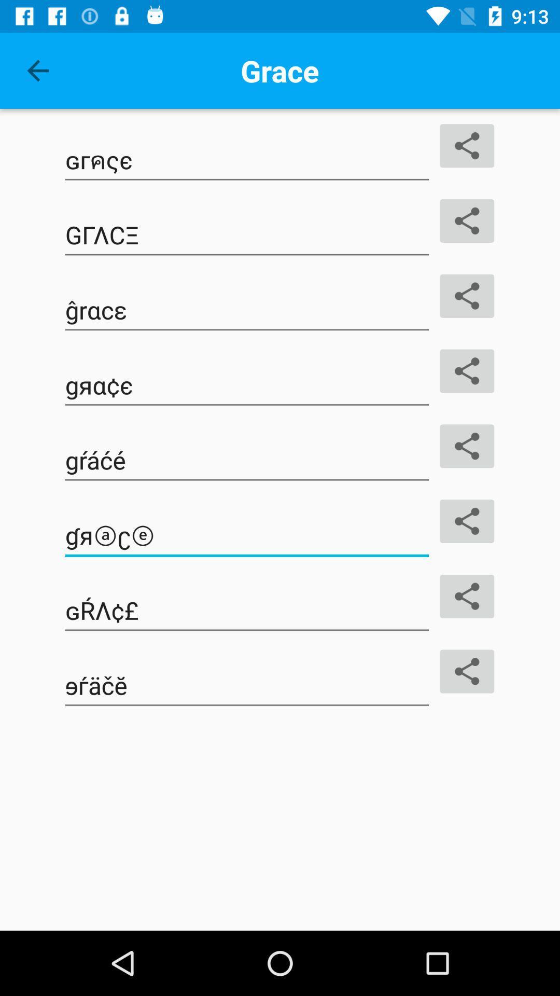  Describe the element at coordinates (247, 535) in the screenshot. I see `the text which is on the sixth line` at that location.